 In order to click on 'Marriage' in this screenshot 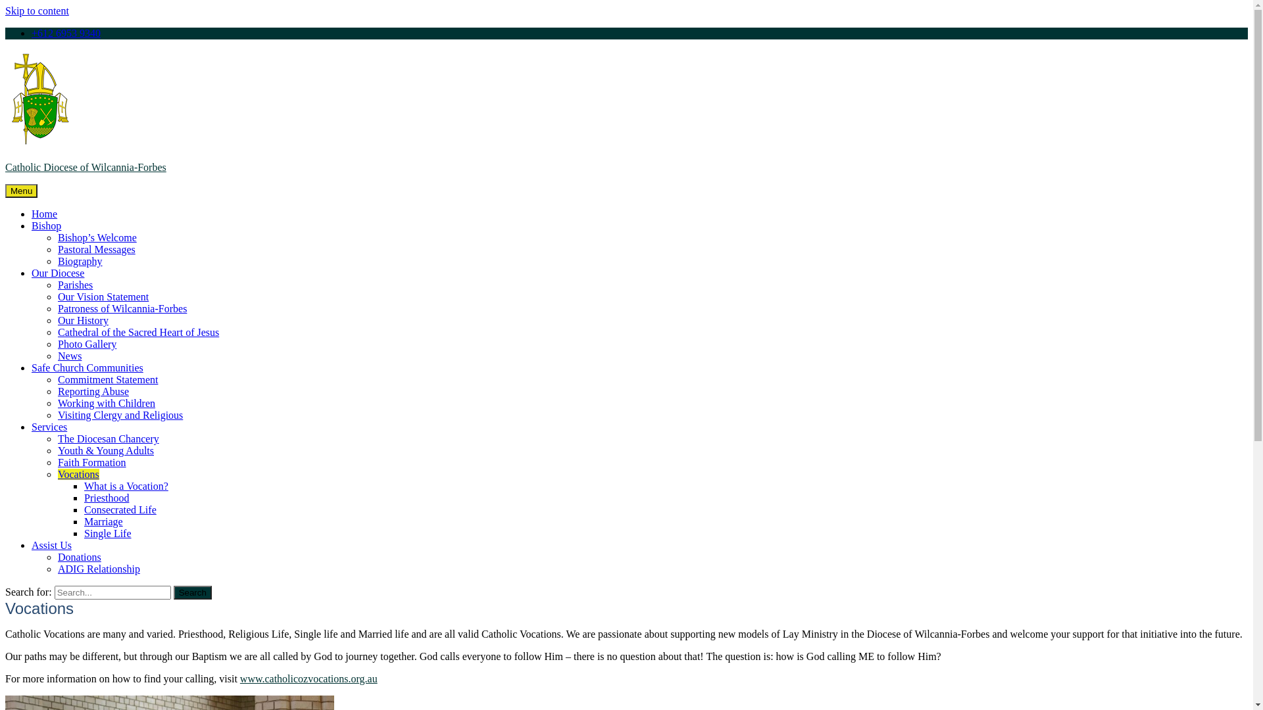, I will do `click(84, 521)`.